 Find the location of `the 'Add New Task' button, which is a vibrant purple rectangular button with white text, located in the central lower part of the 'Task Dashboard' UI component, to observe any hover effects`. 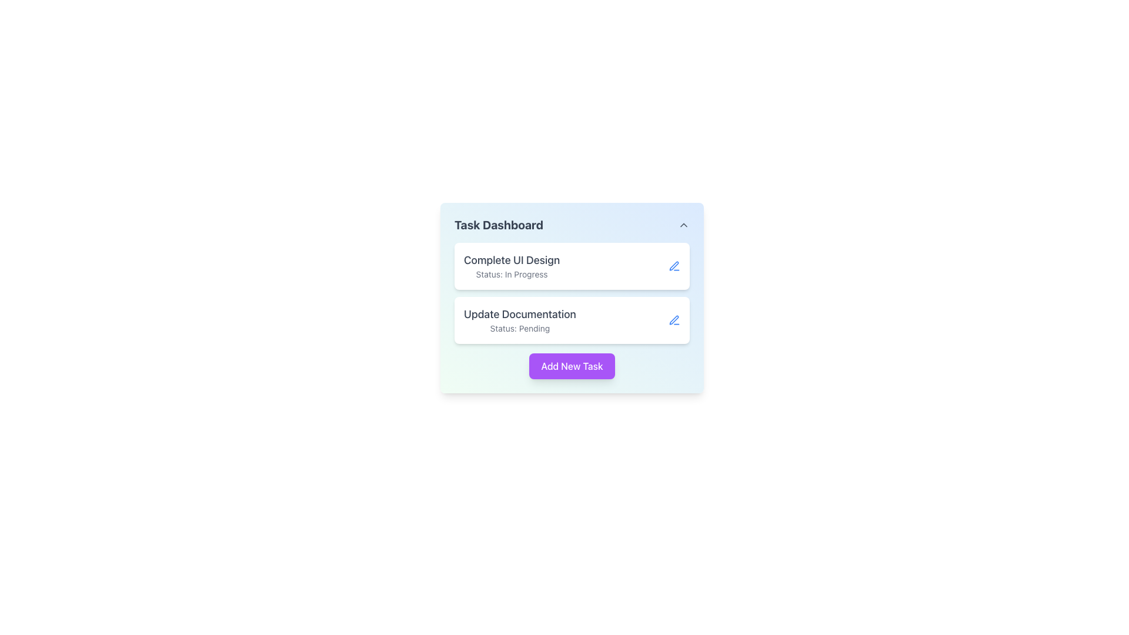

the 'Add New Task' button, which is a vibrant purple rectangular button with white text, located in the central lower part of the 'Task Dashboard' UI component, to observe any hover effects is located at coordinates (572, 366).